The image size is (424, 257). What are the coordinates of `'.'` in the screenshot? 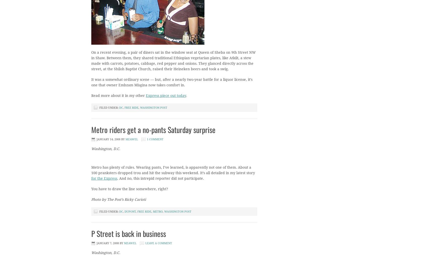 It's located at (187, 96).